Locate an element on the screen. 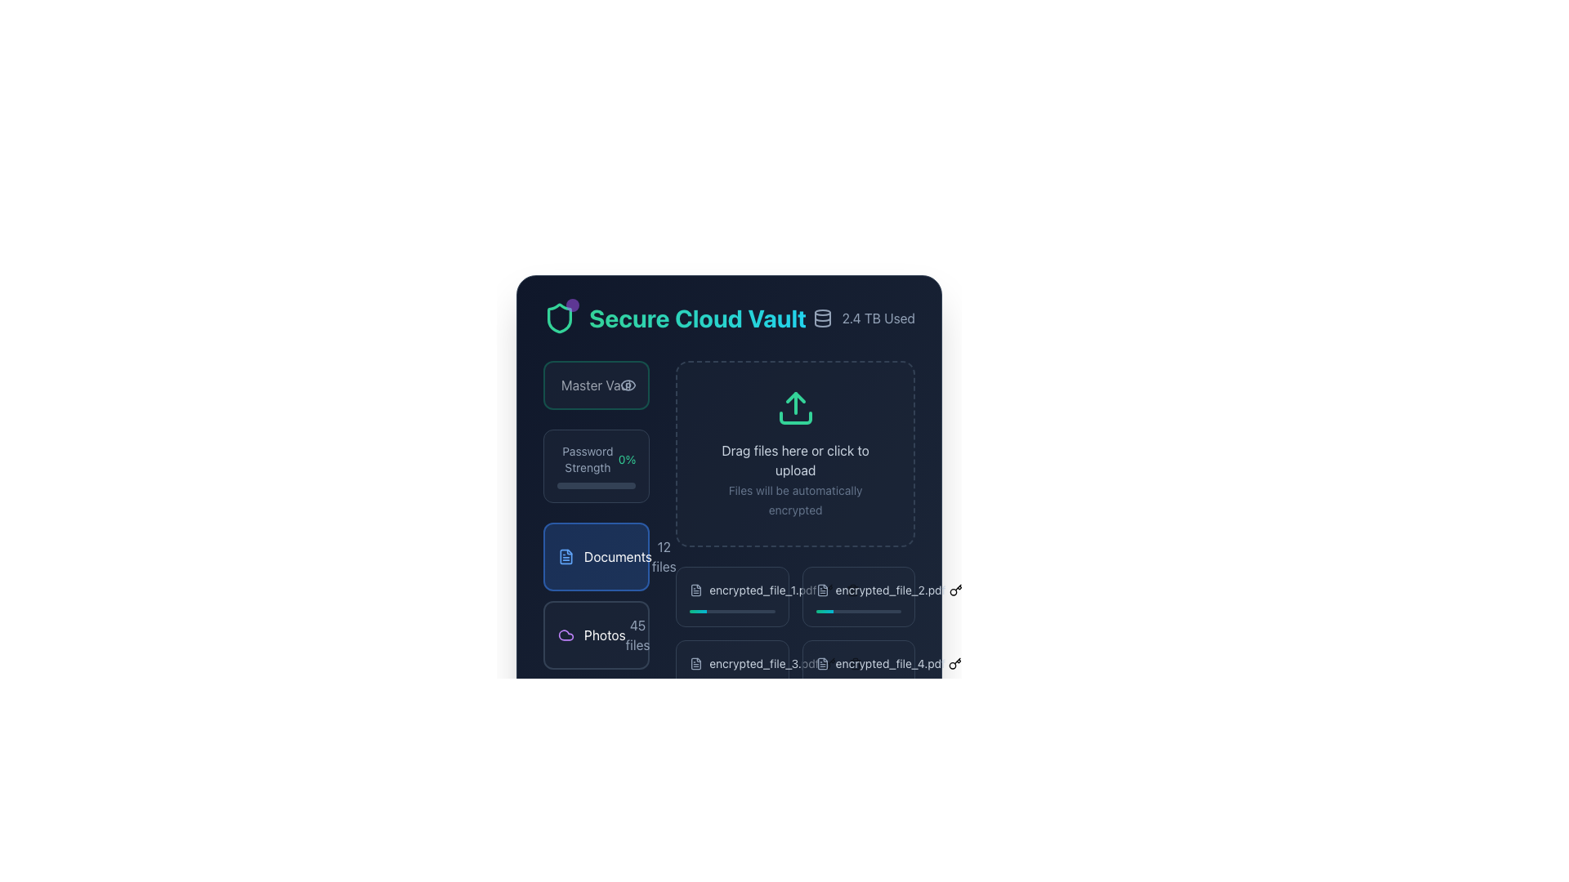  the informational text element that instructs users to 'Drag files here or click to upload' and mentions 'Files will be automatically encrypted' is located at coordinates (795, 479).